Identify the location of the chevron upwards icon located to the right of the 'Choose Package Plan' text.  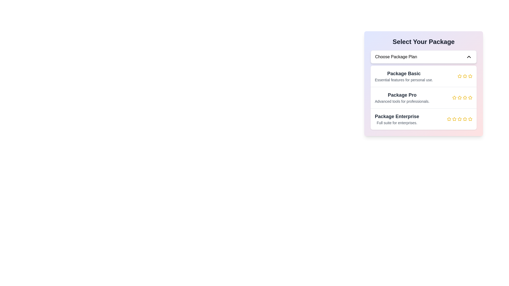
(469, 57).